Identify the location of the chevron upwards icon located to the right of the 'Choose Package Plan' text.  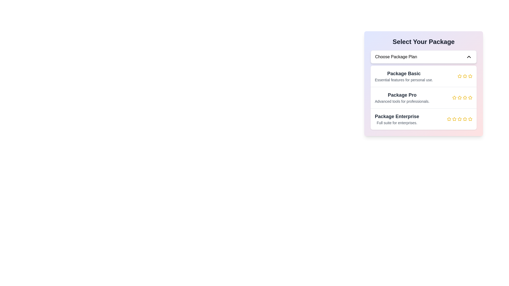
(469, 57).